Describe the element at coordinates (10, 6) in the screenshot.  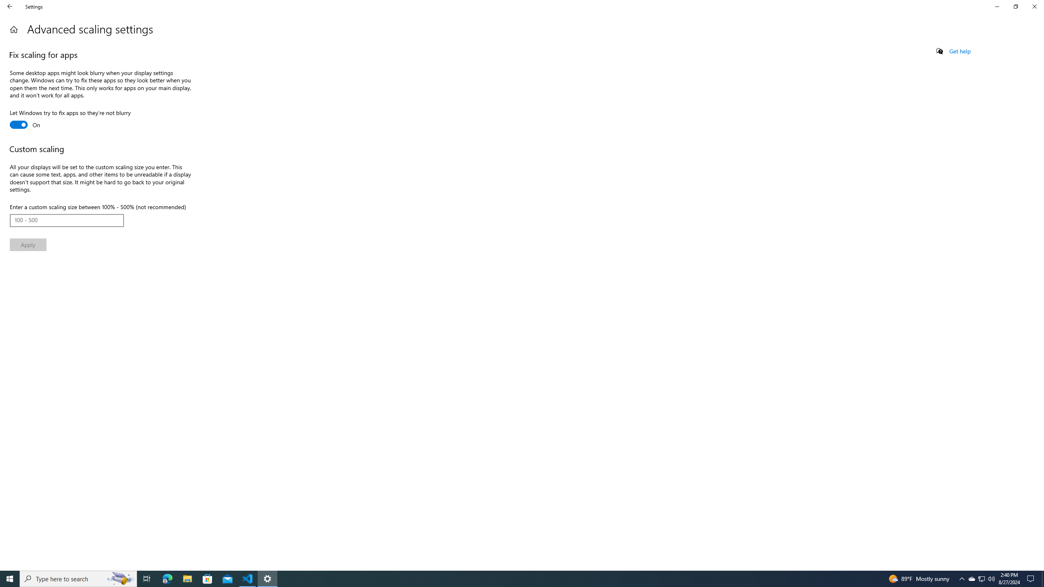
I see `'Back'` at that location.